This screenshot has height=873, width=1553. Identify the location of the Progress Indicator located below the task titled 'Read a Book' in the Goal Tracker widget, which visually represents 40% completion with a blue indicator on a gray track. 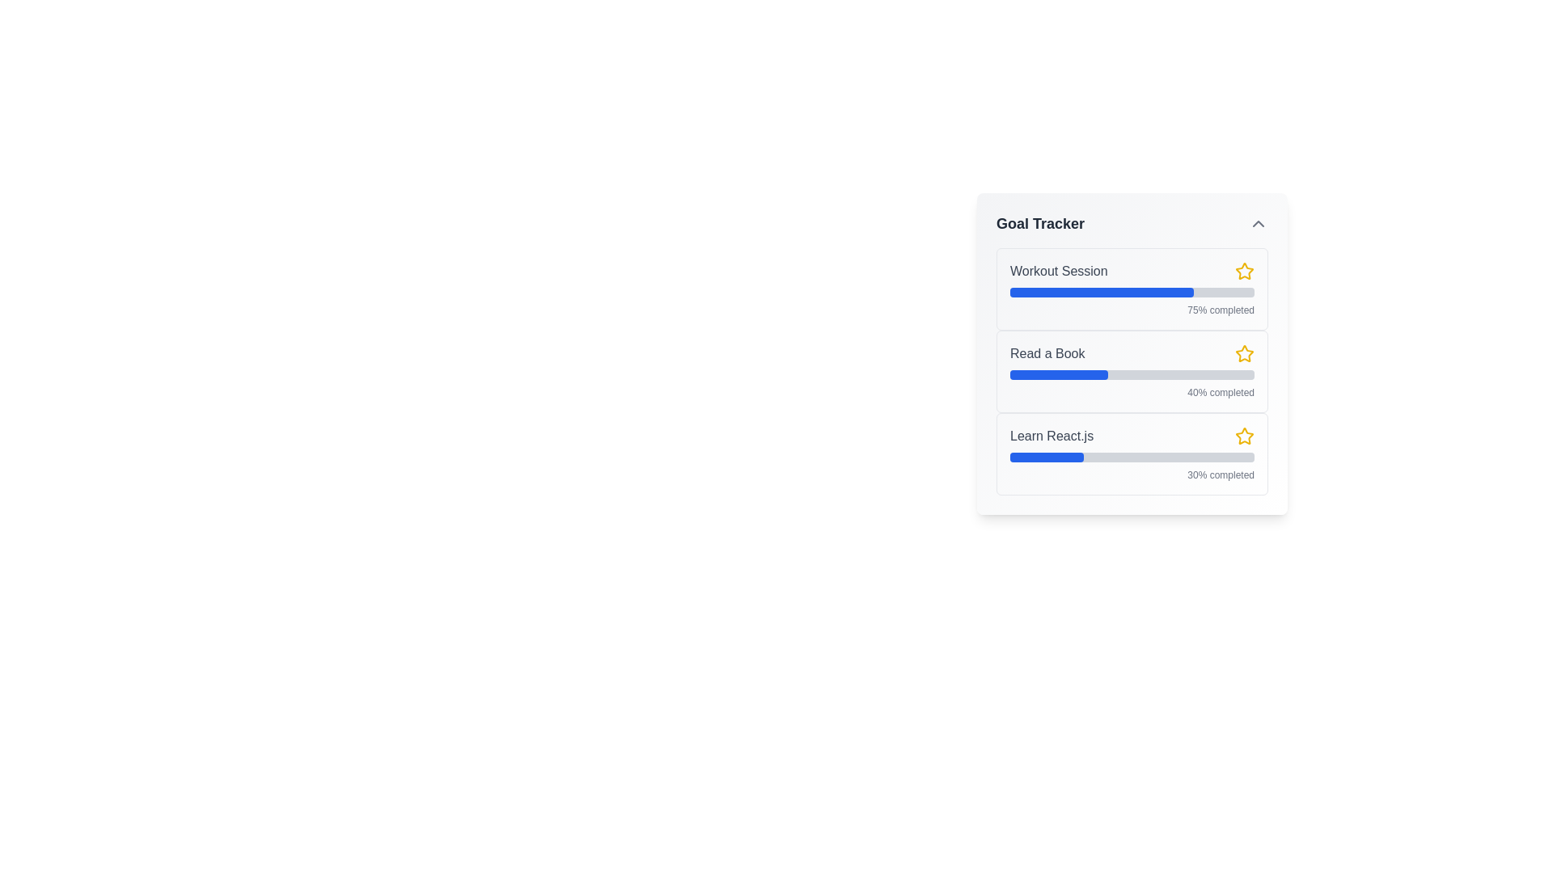
(1059, 374).